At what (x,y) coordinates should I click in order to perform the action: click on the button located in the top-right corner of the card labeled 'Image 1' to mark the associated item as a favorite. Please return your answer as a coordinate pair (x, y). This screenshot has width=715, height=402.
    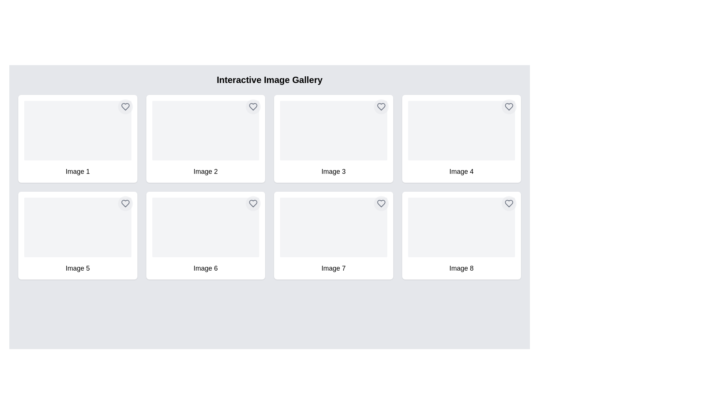
    Looking at the image, I should click on (125, 106).